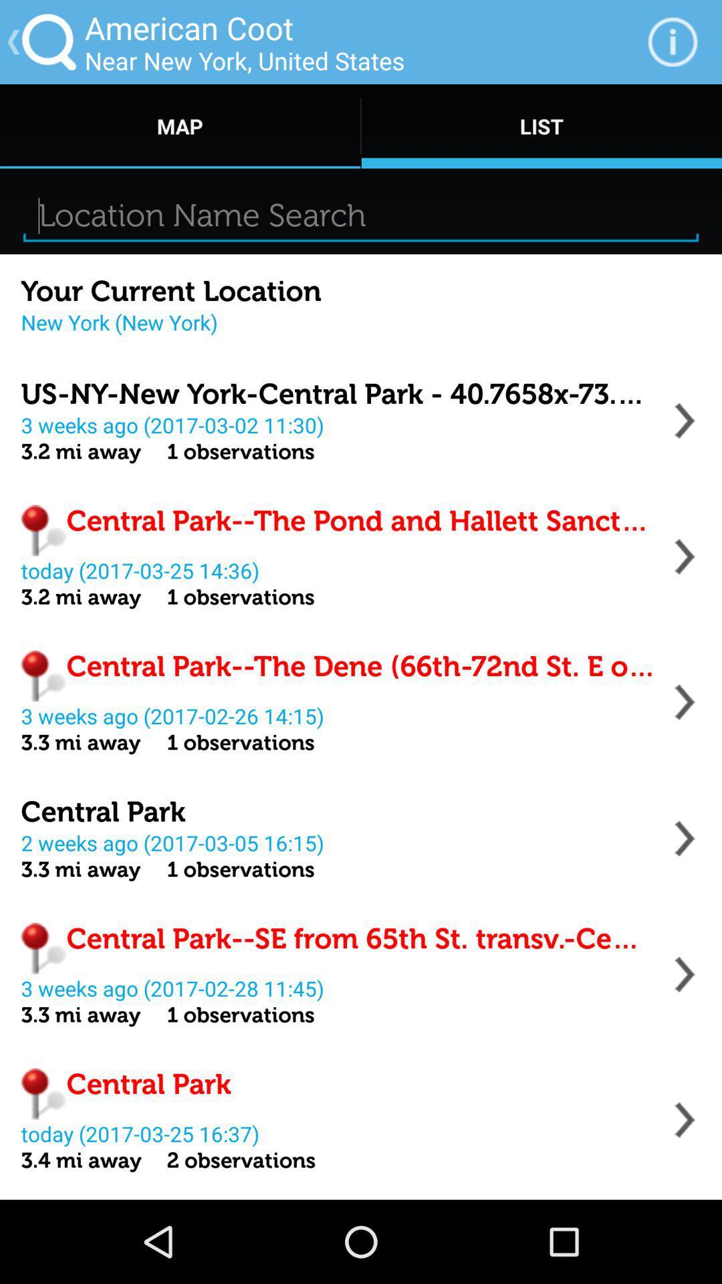  I want to click on address, so click(685, 702).